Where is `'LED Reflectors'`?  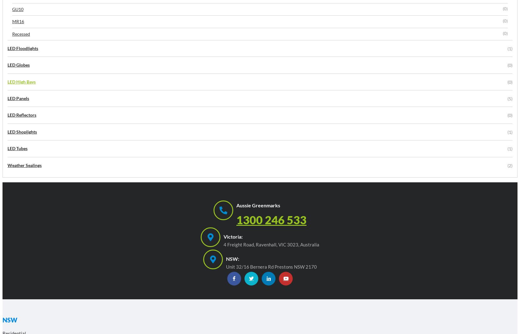
'LED Reflectors' is located at coordinates (7, 114).